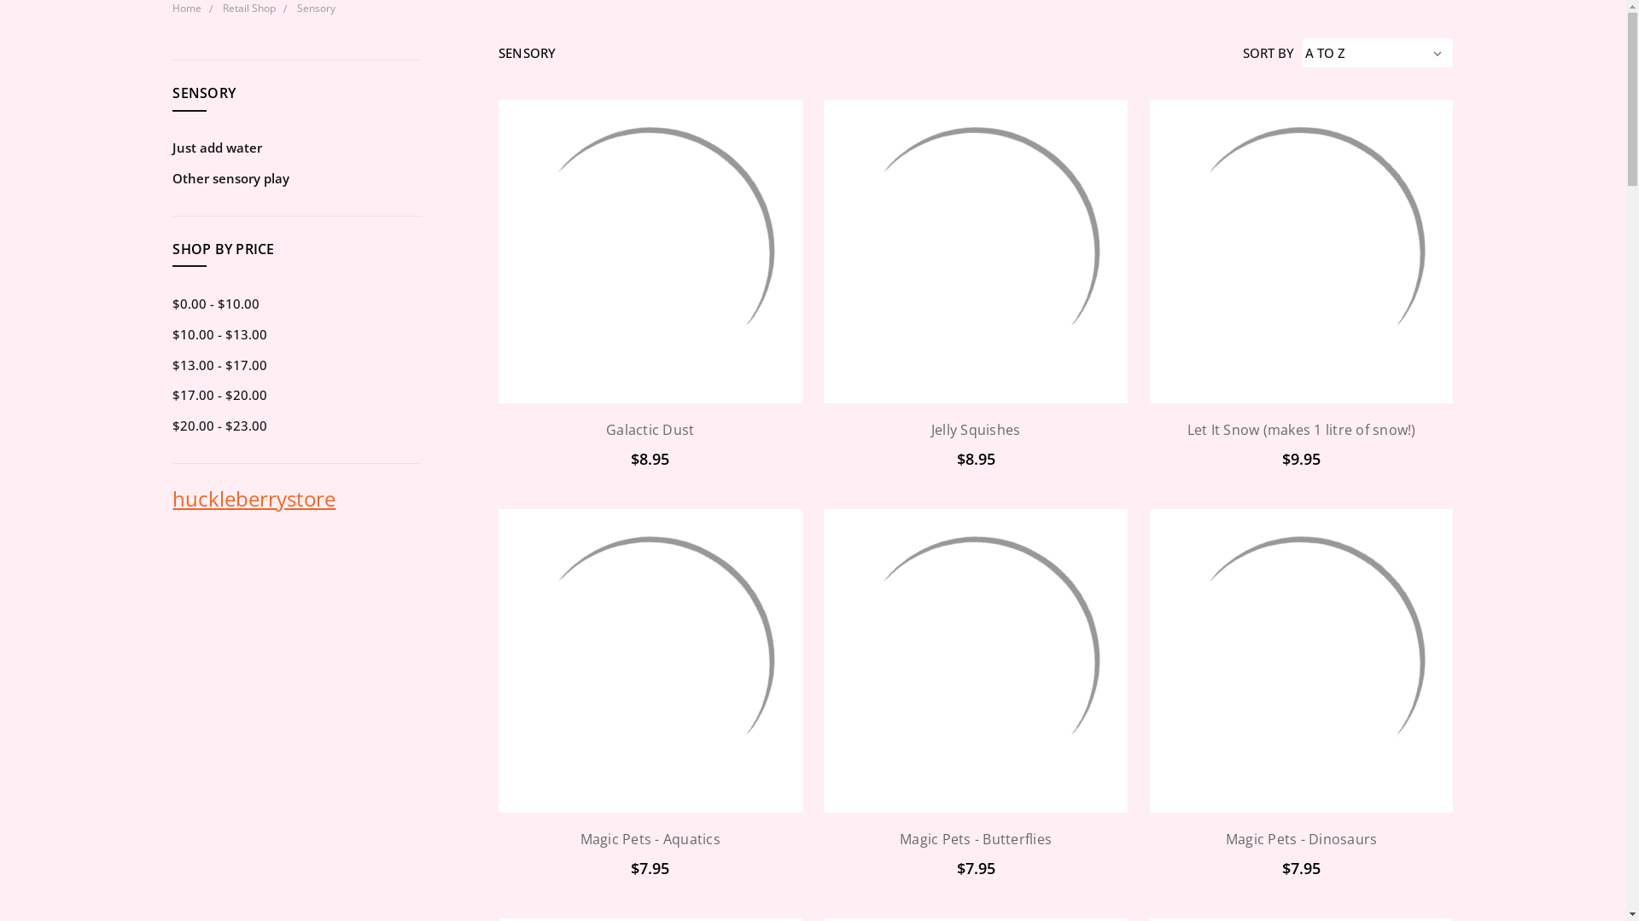  What do you see at coordinates (248, 8) in the screenshot?
I see `'Retail Shop'` at bounding box center [248, 8].